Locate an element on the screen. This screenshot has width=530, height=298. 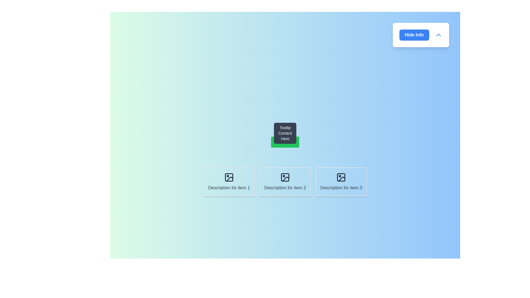
the 'Hover me' button, which is a rectangular button with rounded corners and a green background located in the central upper part of the interface is located at coordinates (285, 142).